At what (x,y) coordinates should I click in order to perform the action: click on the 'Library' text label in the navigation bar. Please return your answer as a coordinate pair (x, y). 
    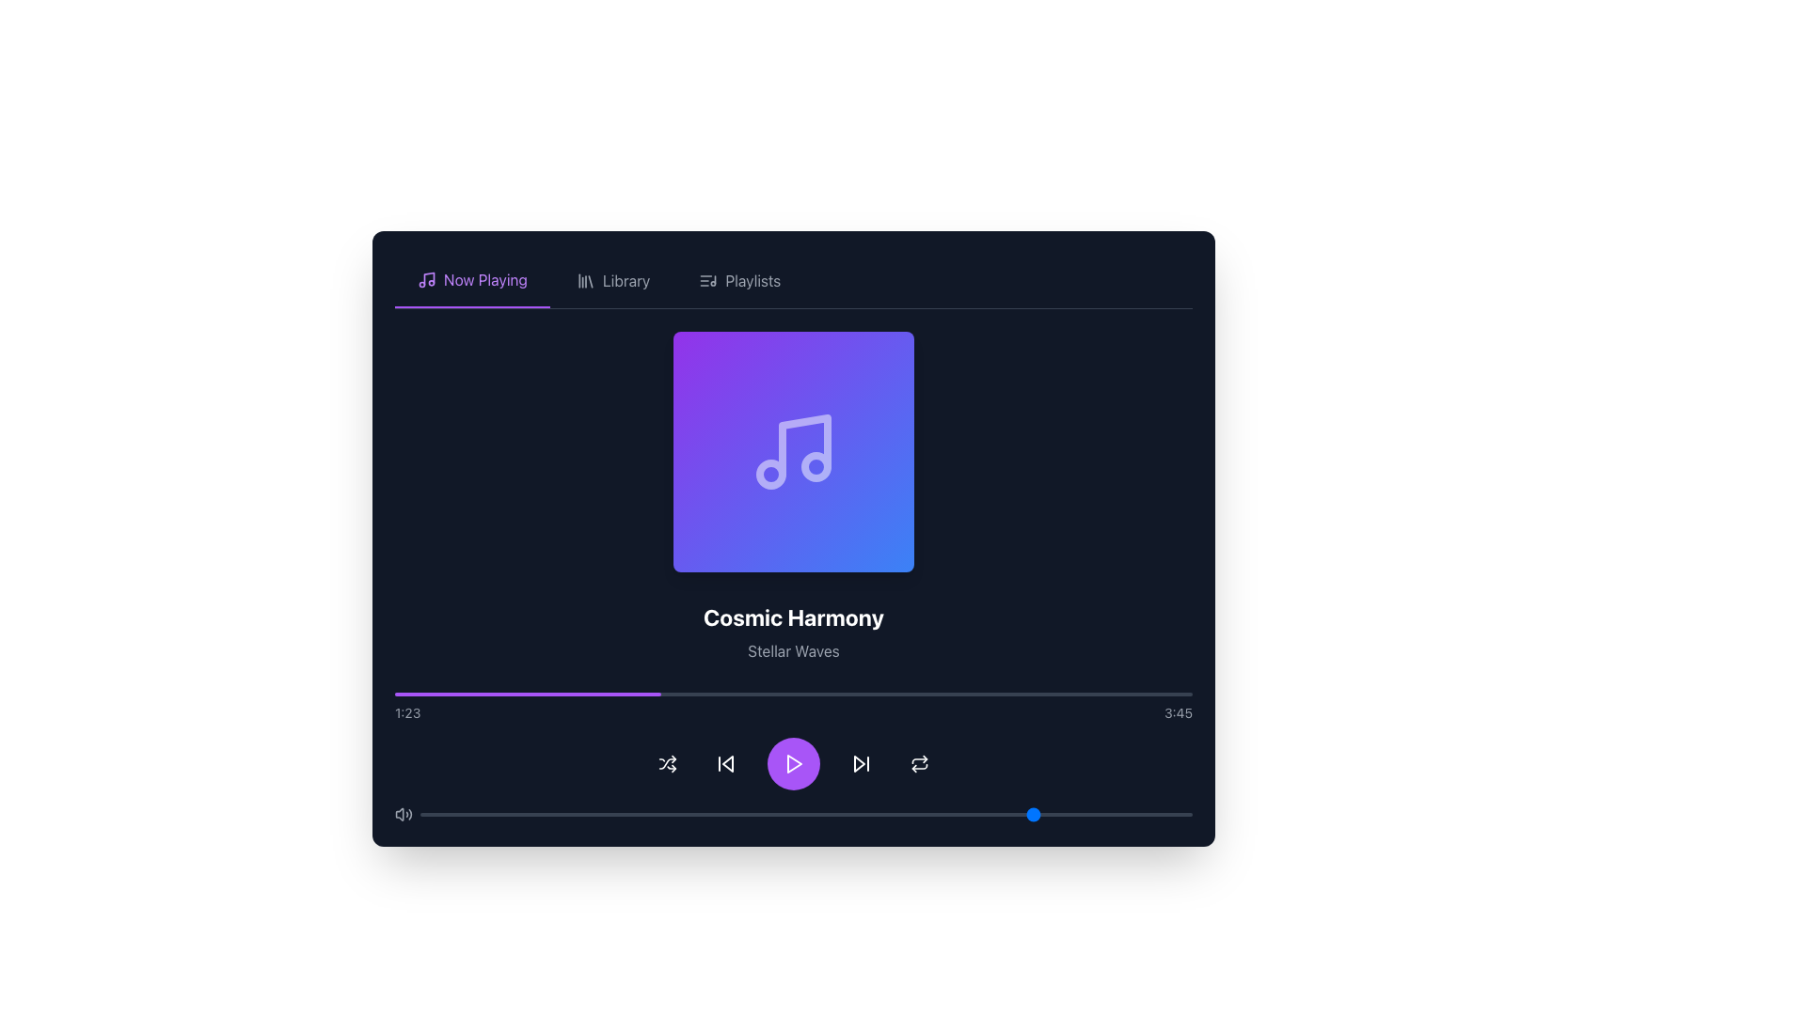
    Looking at the image, I should click on (626, 281).